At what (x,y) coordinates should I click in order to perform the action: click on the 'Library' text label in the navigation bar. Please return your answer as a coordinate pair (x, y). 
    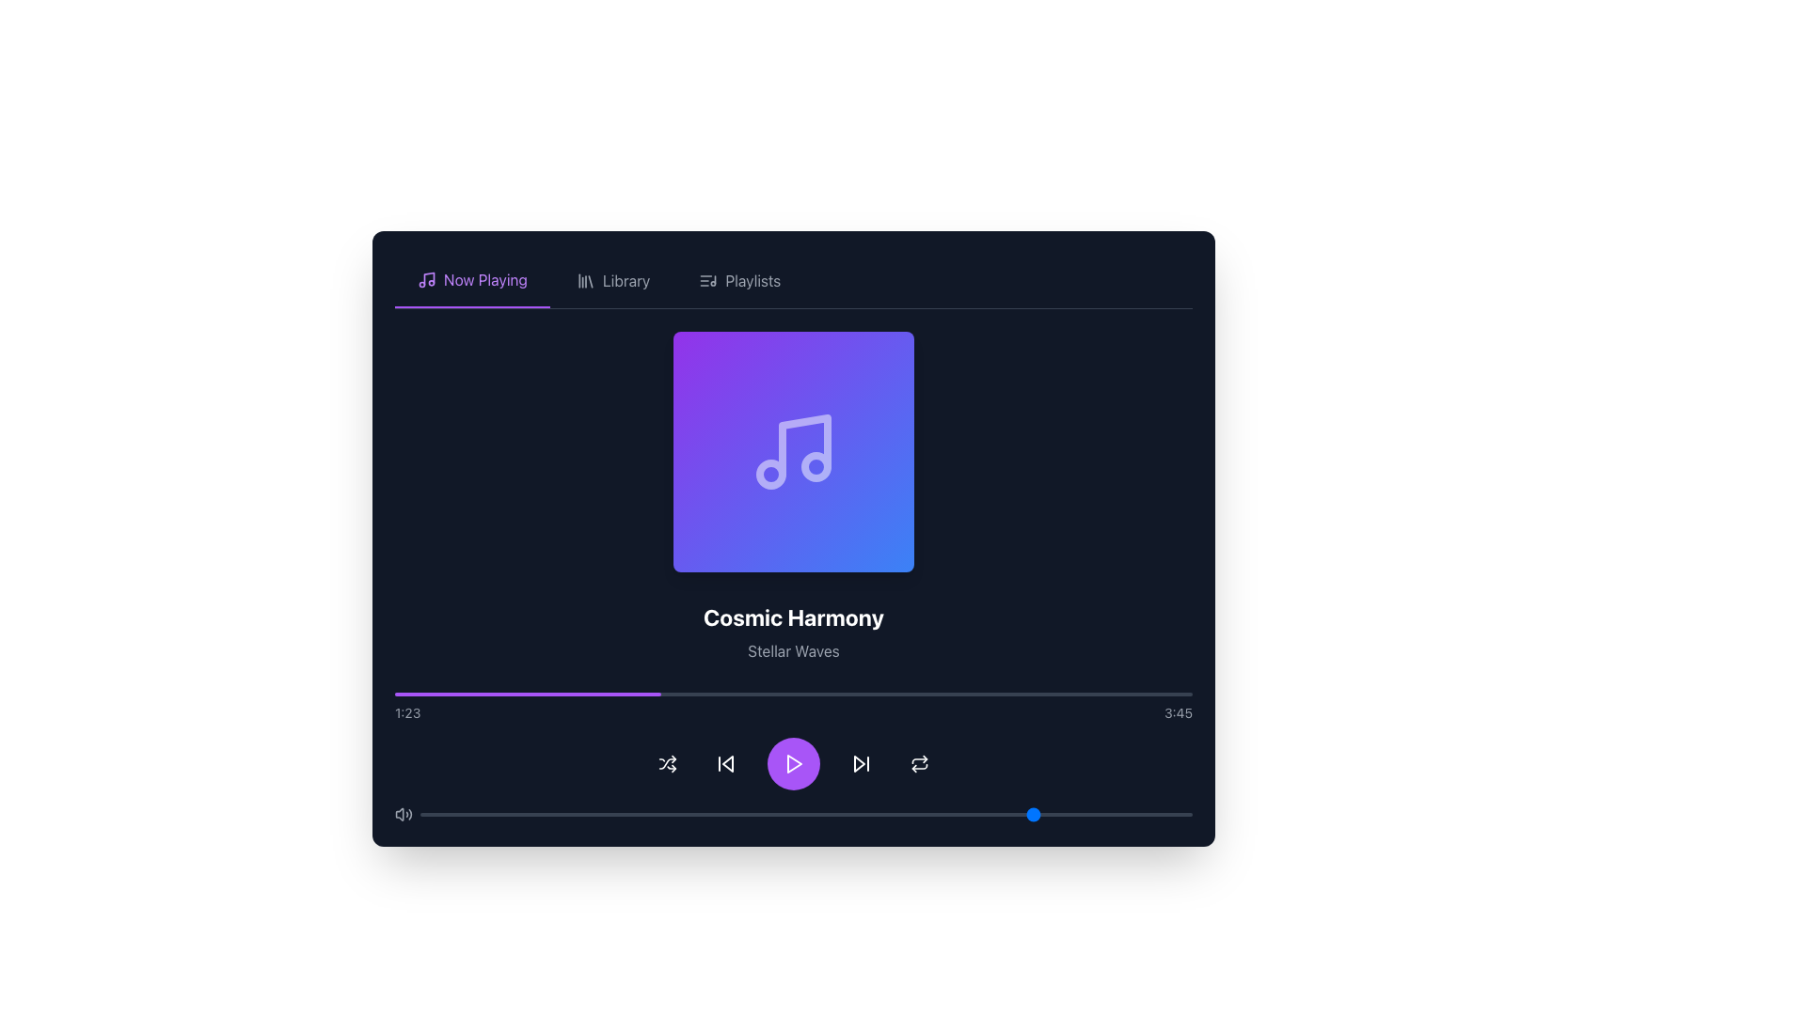
    Looking at the image, I should click on (626, 281).